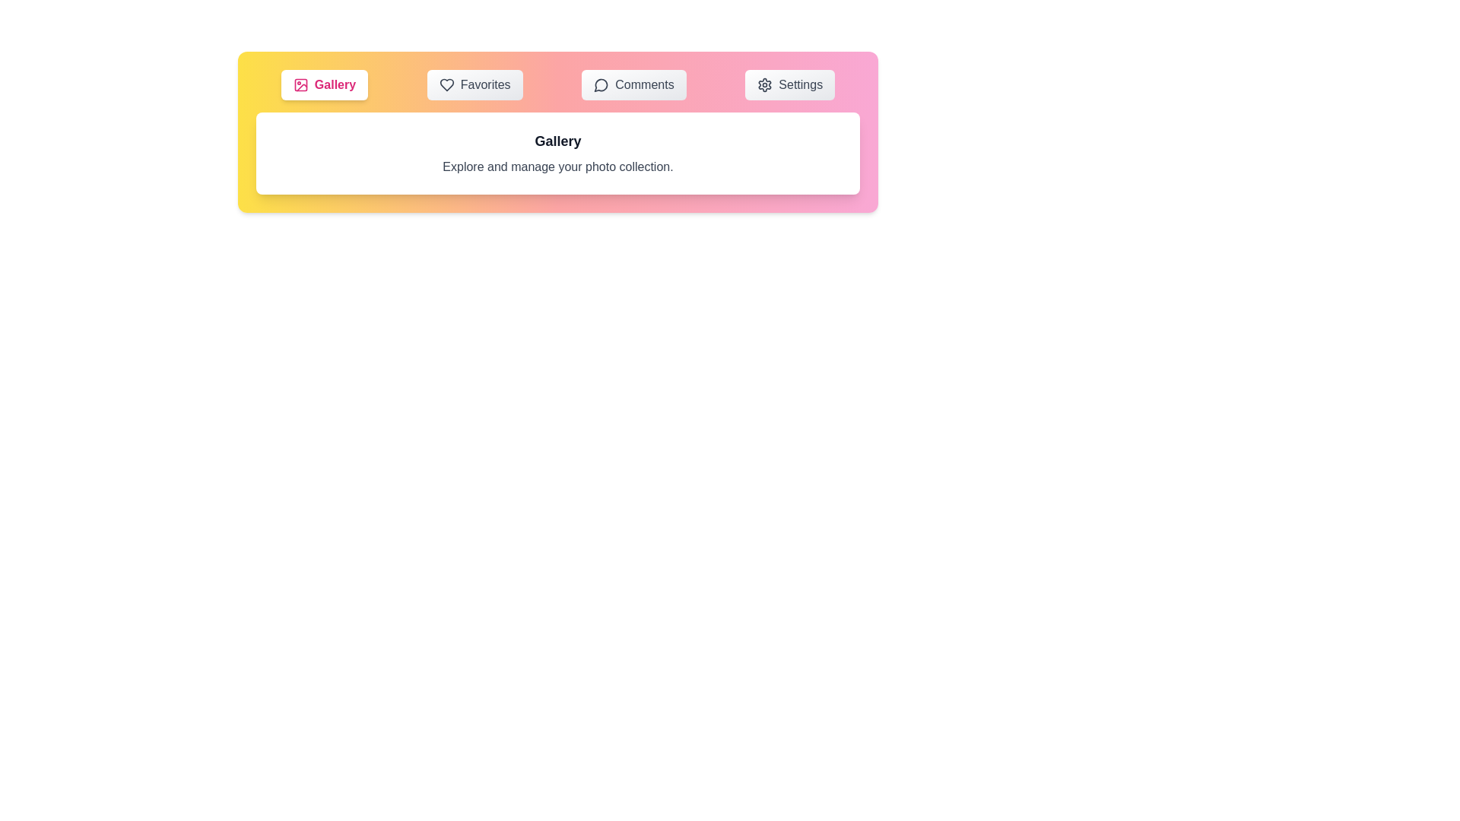 The height and width of the screenshot is (821, 1460). Describe the element at coordinates (324, 84) in the screenshot. I see `the Gallery tab` at that location.